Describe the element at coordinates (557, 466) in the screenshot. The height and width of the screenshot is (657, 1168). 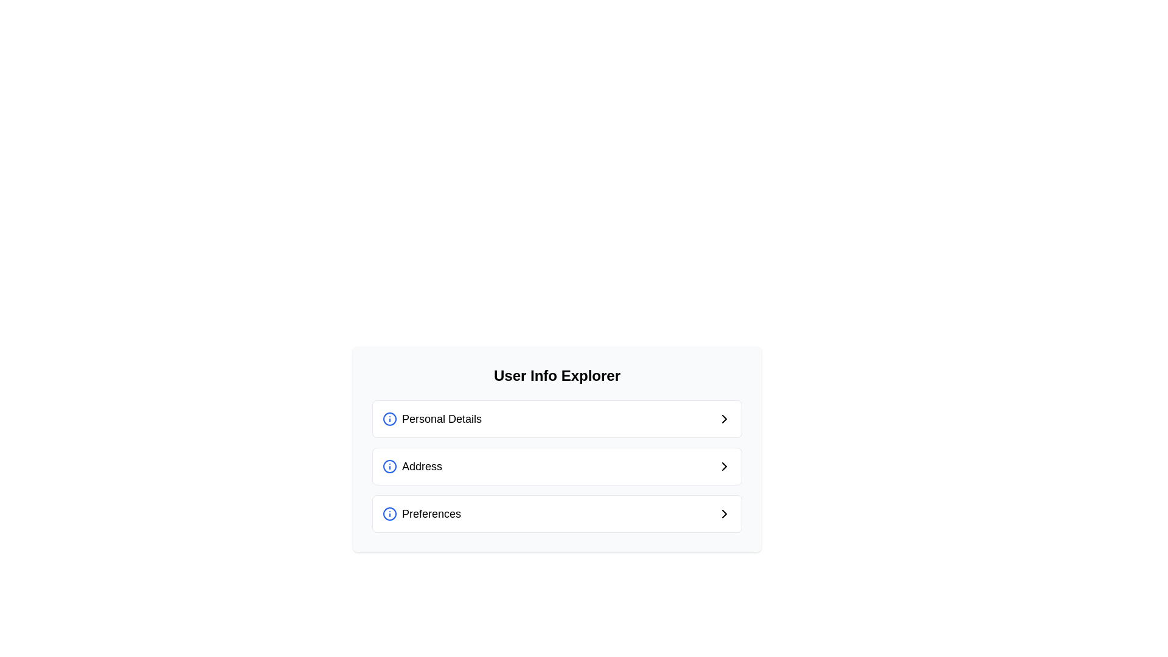
I see `the 'Address' button, which is the second item in a vertically stacked list` at that location.